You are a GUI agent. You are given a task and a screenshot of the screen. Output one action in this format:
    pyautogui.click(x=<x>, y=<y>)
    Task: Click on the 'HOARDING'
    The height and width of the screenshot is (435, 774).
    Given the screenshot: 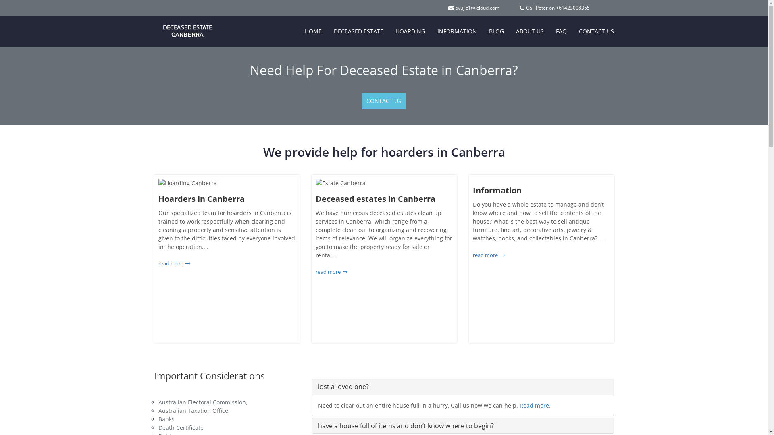 What is the action you would take?
    pyautogui.click(x=410, y=31)
    